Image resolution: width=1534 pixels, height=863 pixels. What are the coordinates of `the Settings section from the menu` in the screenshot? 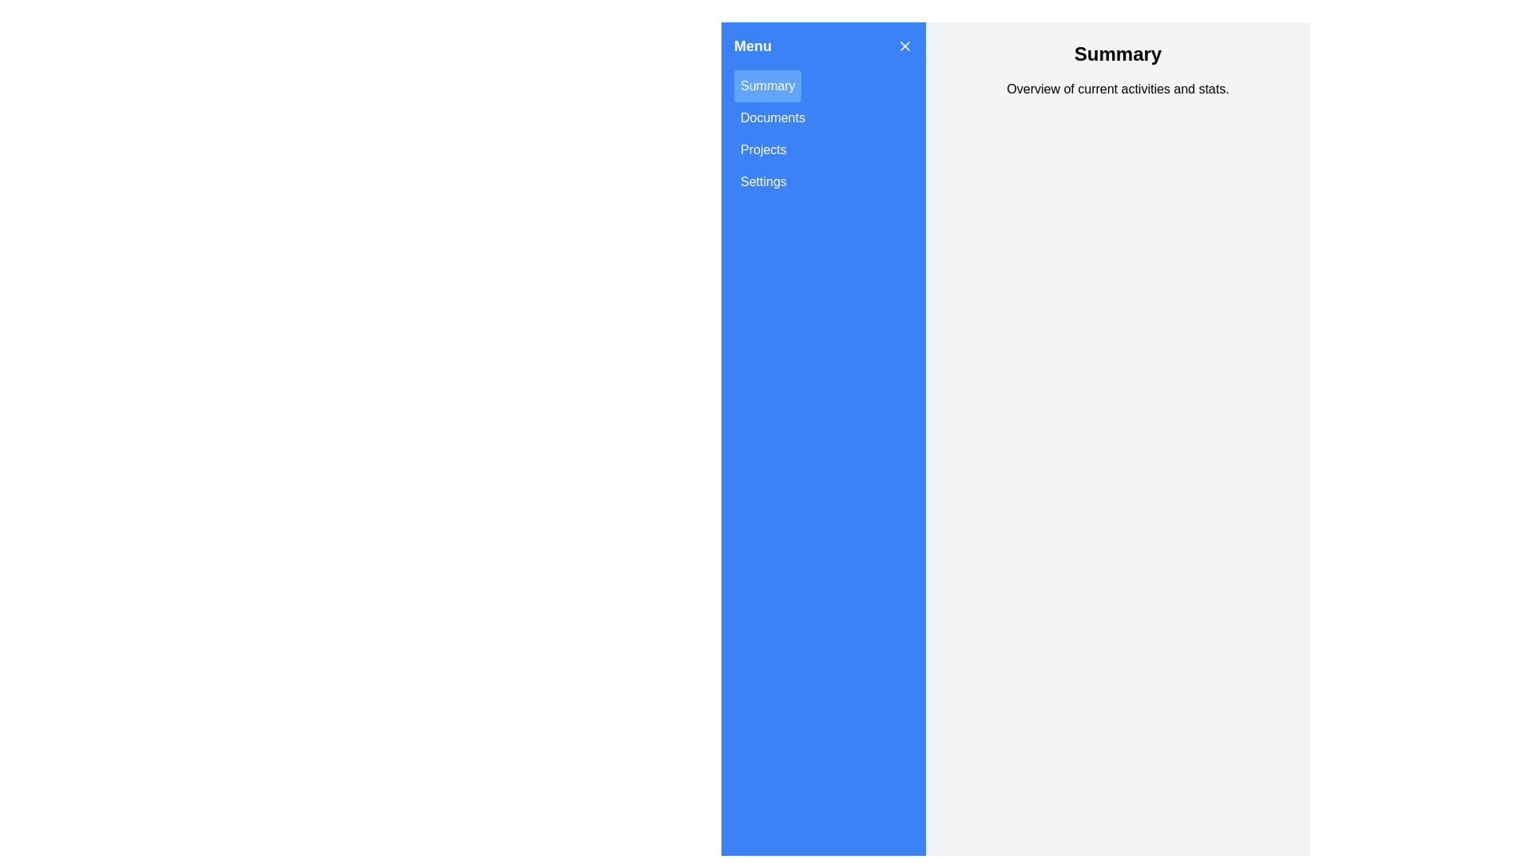 It's located at (762, 181).